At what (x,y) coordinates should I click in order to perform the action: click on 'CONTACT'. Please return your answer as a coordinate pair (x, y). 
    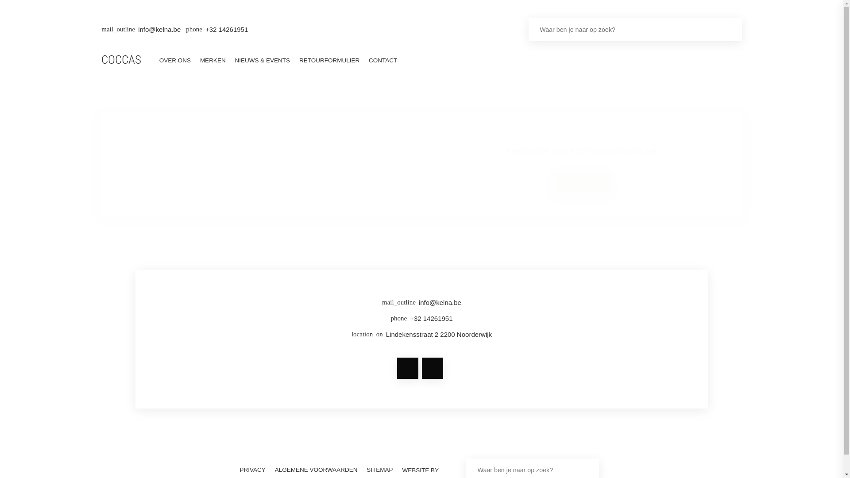
    Looking at the image, I should click on (365, 60).